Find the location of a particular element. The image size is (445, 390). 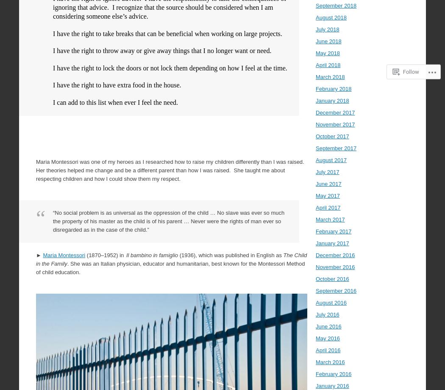

'Il bambino in famiglio' is located at coordinates (151, 255).